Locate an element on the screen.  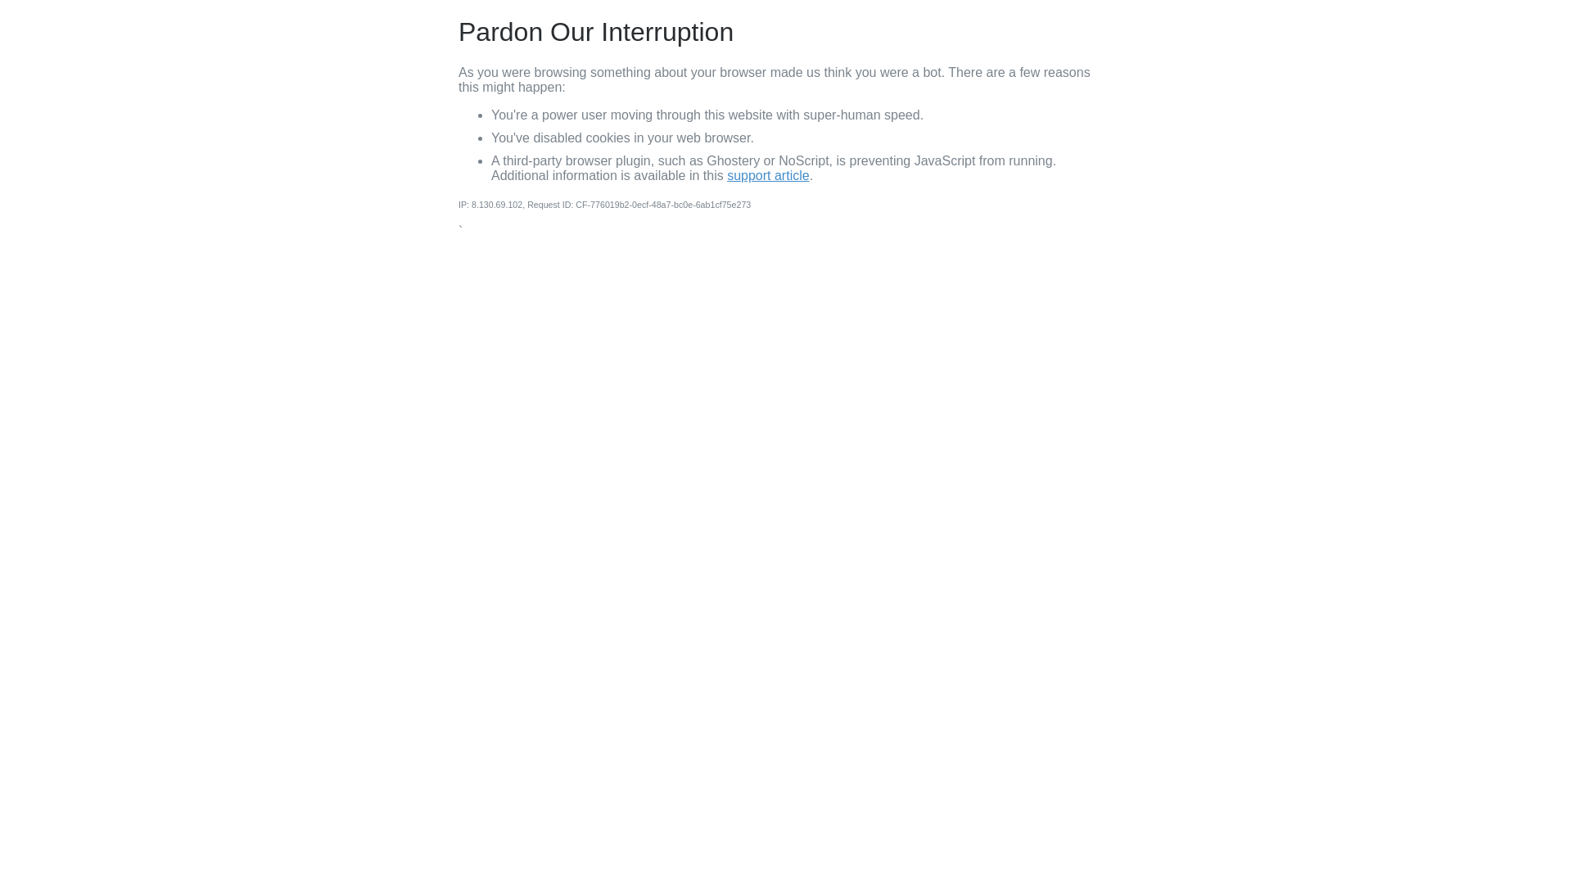
'support article' is located at coordinates (767, 175).